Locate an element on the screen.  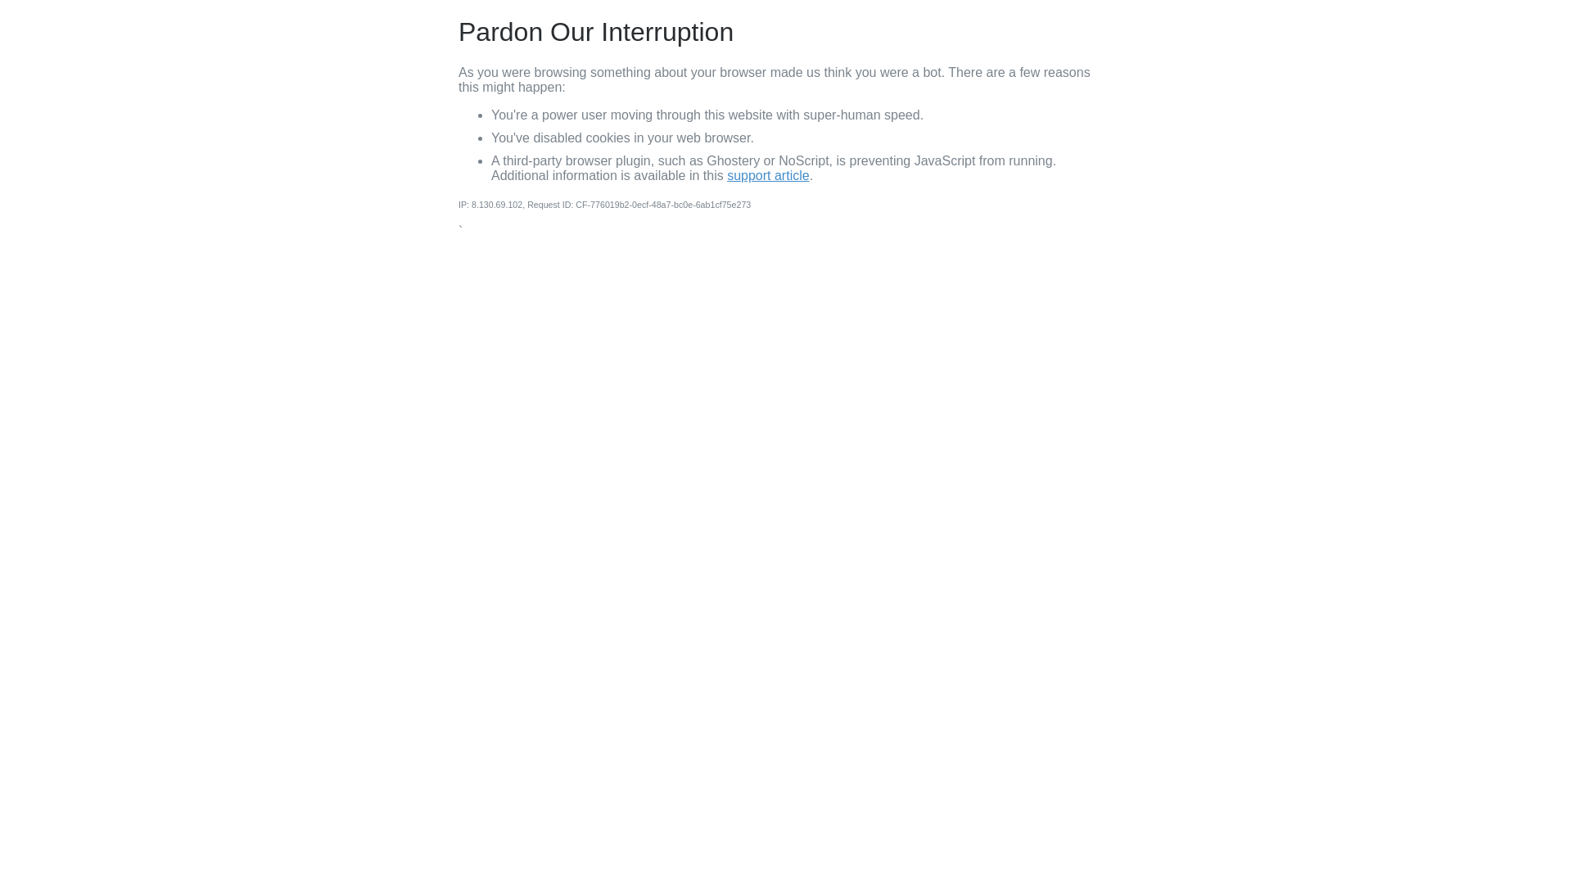
'support article' is located at coordinates (767, 175).